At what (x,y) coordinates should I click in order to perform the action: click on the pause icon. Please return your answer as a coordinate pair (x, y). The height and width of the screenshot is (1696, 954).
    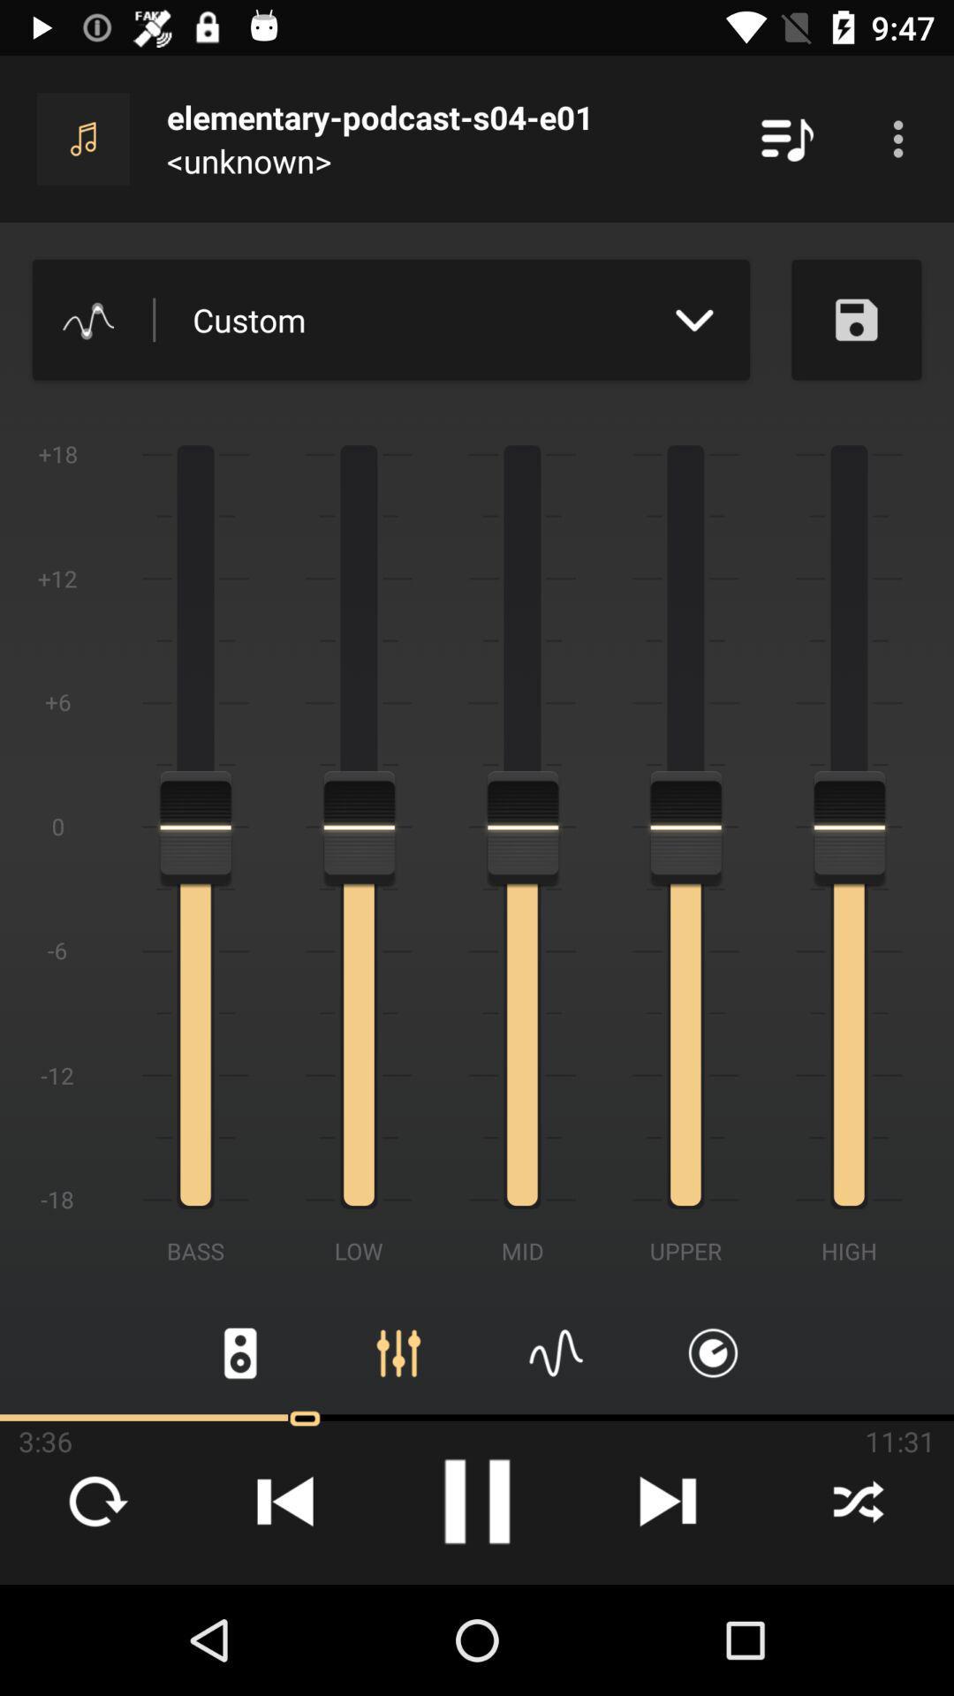
    Looking at the image, I should click on (477, 1500).